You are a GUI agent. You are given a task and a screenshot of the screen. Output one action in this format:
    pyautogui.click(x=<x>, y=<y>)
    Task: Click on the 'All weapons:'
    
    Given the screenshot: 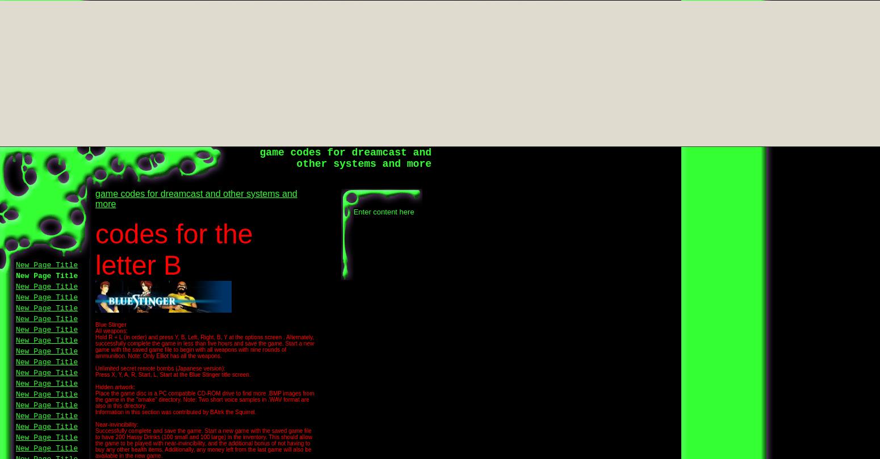 What is the action you would take?
    pyautogui.click(x=111, y=331)
    